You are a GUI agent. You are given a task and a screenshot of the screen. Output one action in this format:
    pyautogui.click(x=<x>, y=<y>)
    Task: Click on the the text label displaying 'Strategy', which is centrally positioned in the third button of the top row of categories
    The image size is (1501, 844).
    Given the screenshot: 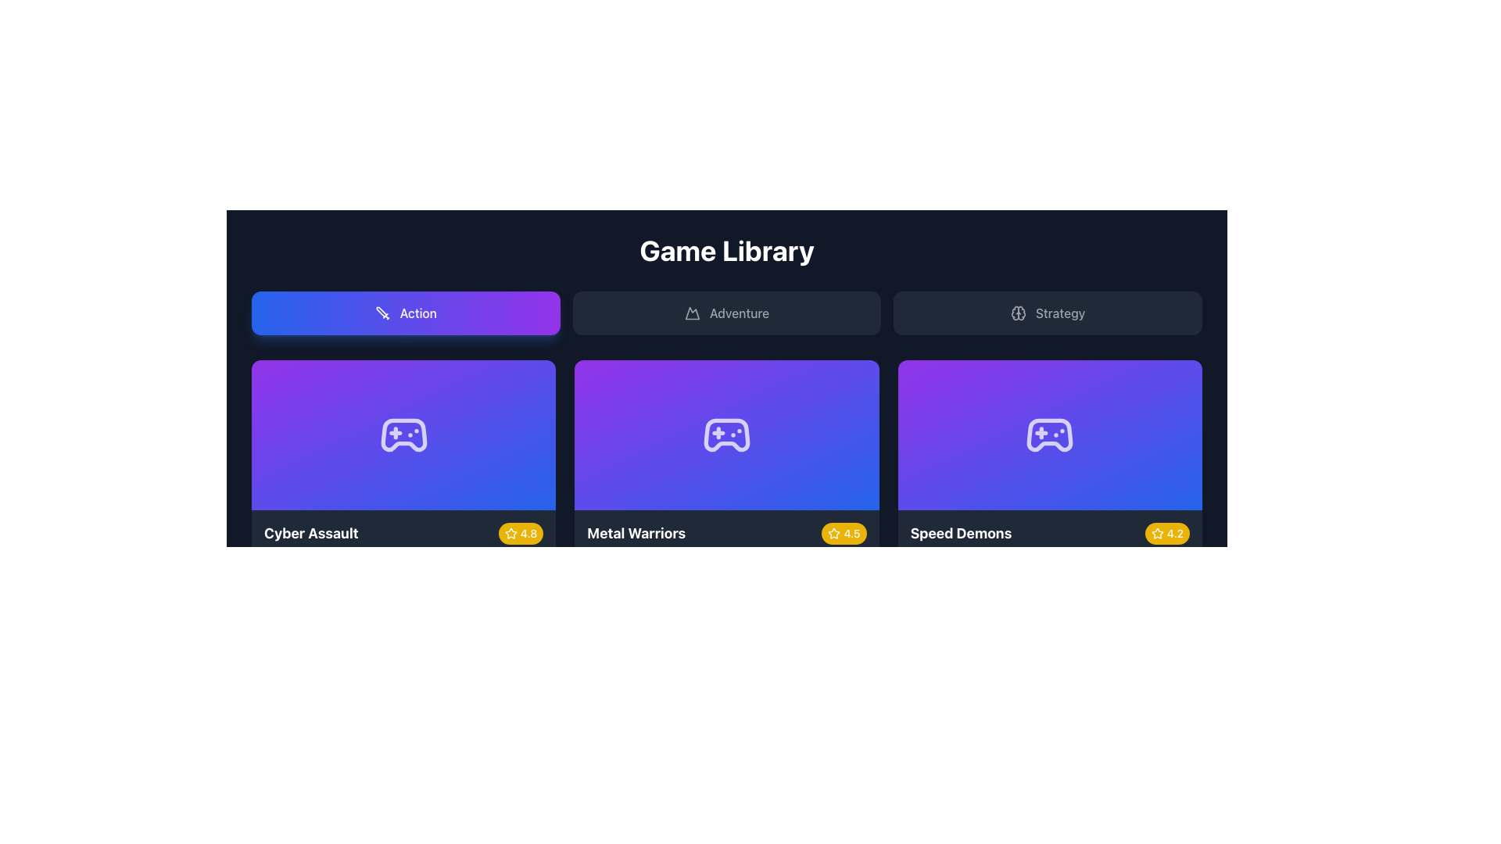 What is the action you would take?
    pyautogui.click(x=1060, y=313)
    